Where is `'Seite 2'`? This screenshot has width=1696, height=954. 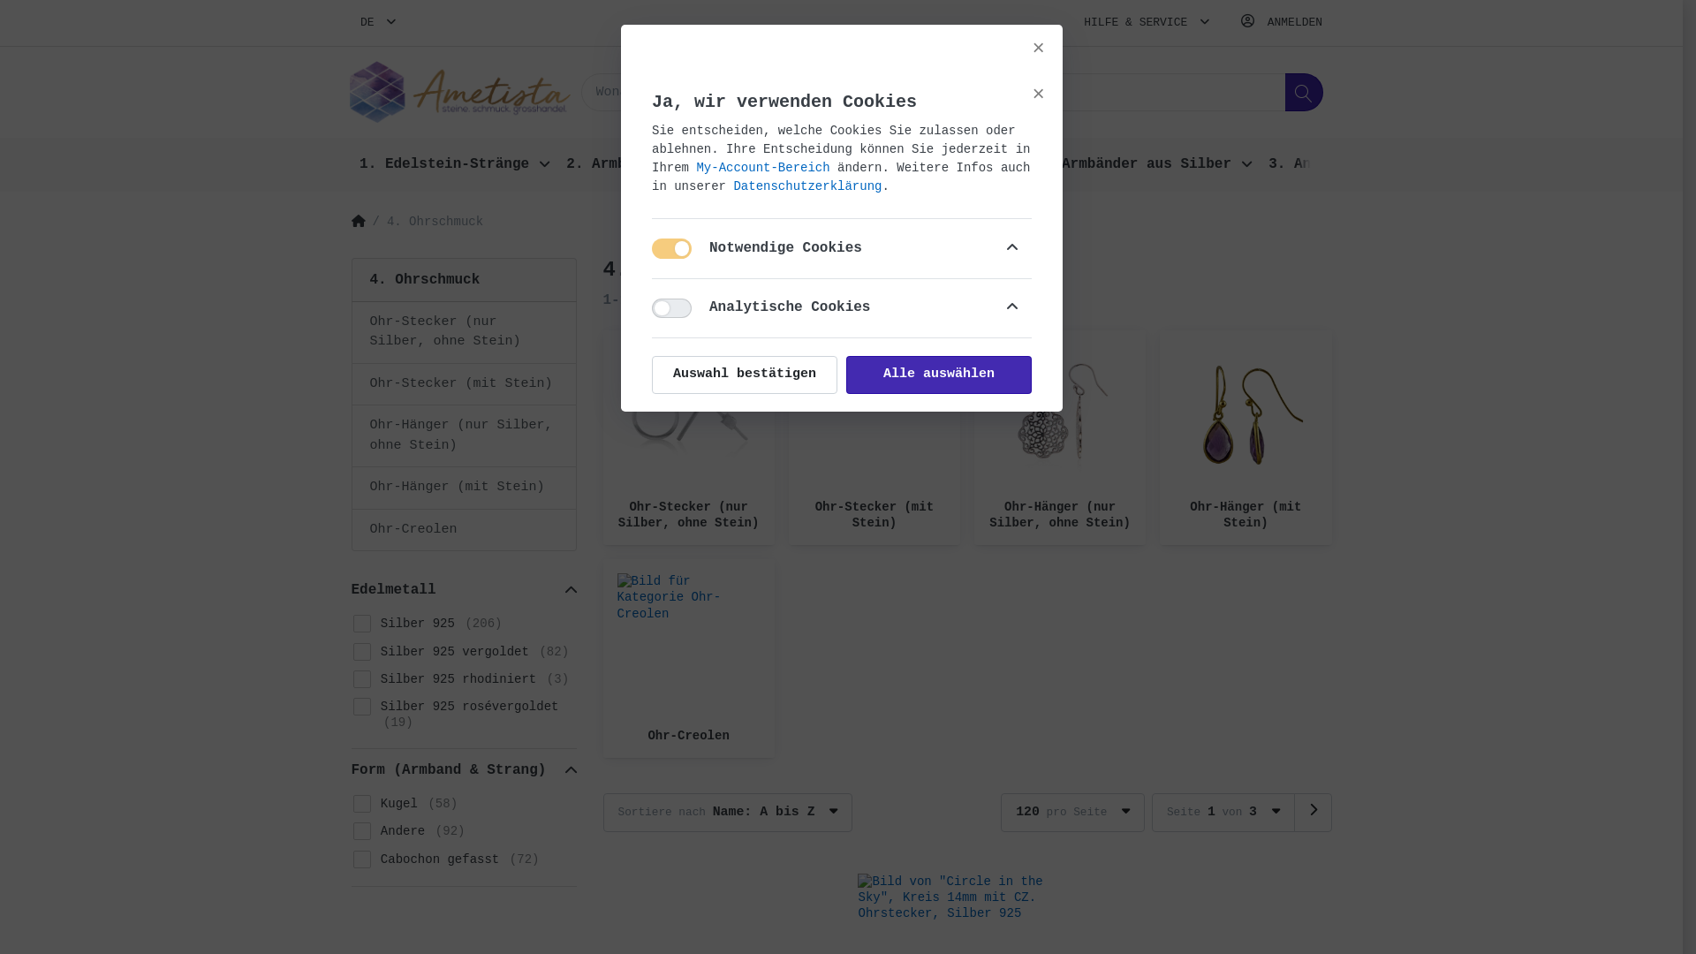 'Seite 2' is located at coordinates (1312, 813).